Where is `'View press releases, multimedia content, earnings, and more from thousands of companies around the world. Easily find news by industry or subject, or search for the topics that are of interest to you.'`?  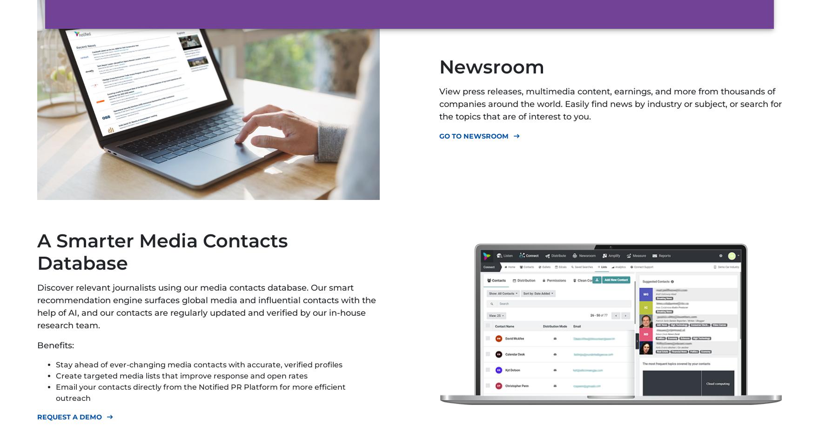
'View press releases, multimedia content, earnings, and more from thousands of companies around the world. Easily find news by industry or subject, or search for the topics that are of interest to you.' is located at coordinates (610, 104).